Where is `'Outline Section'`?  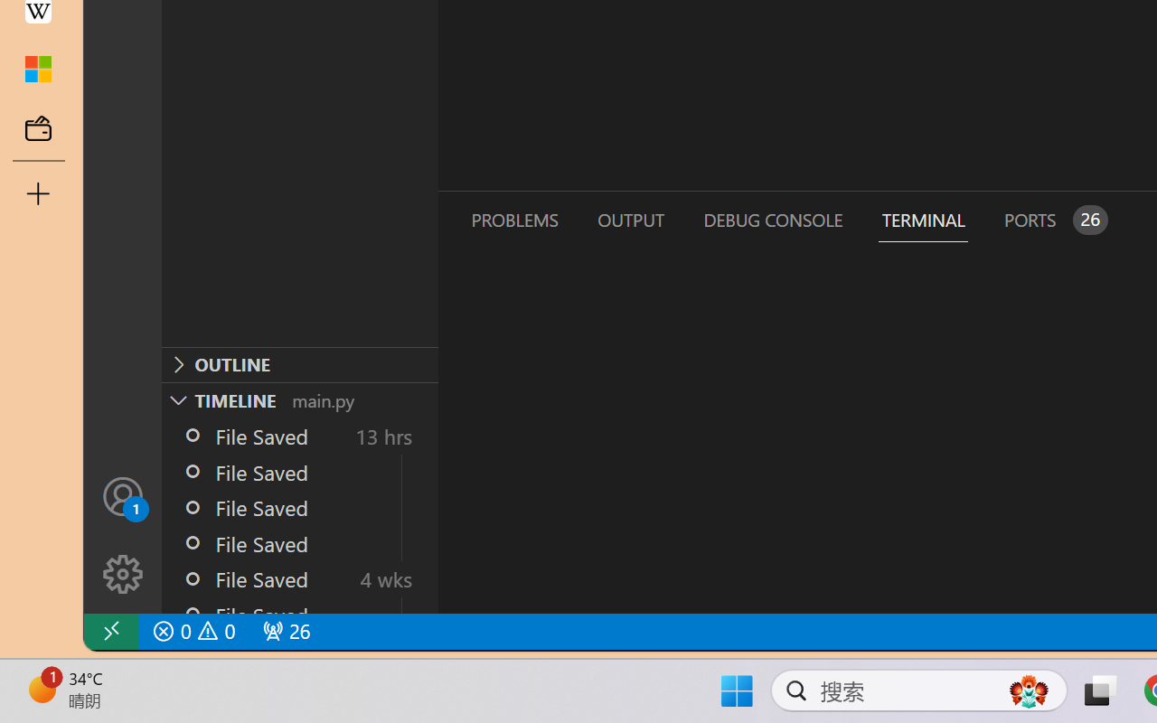
'Outline Section' is located at coordinates (299, 364).